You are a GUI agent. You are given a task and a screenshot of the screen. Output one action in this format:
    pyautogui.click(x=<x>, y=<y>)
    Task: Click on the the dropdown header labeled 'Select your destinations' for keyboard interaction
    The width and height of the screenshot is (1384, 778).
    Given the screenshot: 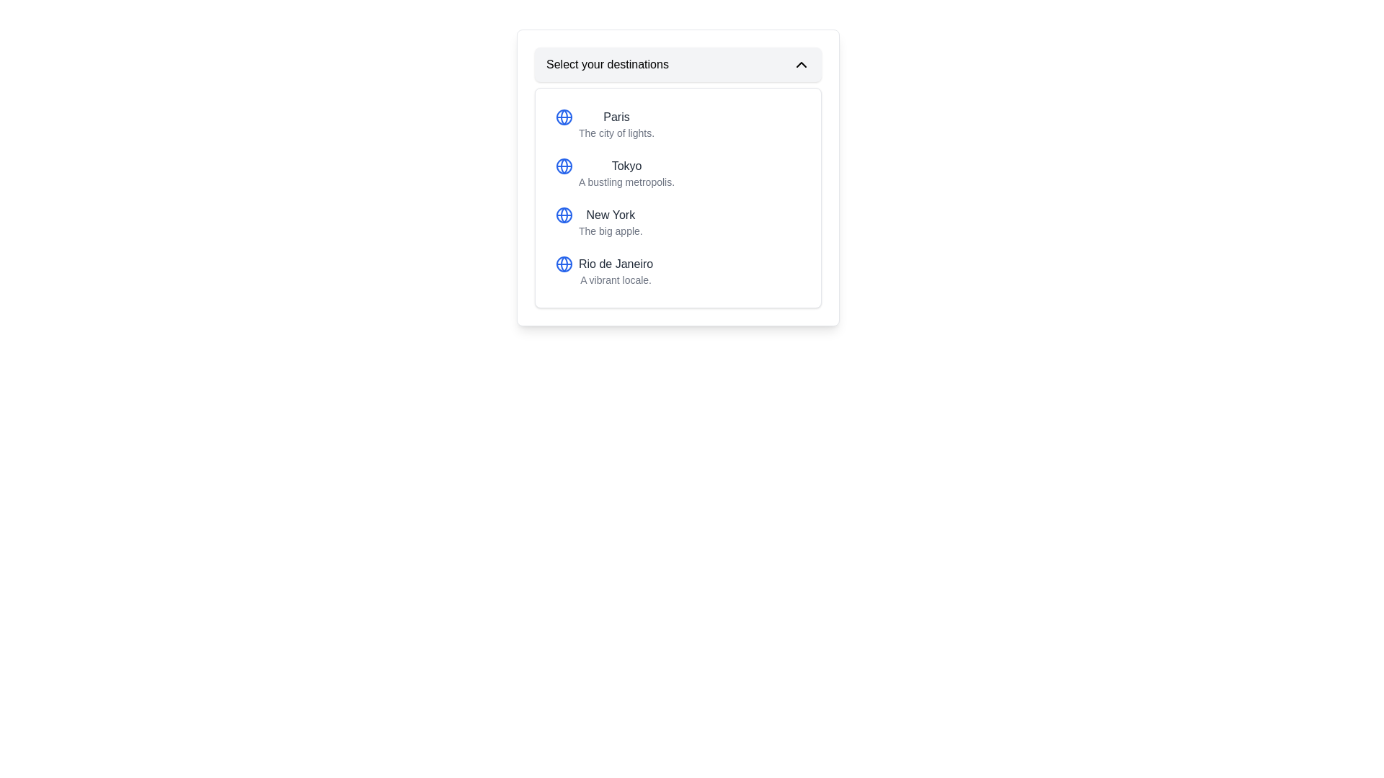 What is the action you would take?
    pyautogui.click(x=677, y=63)
    